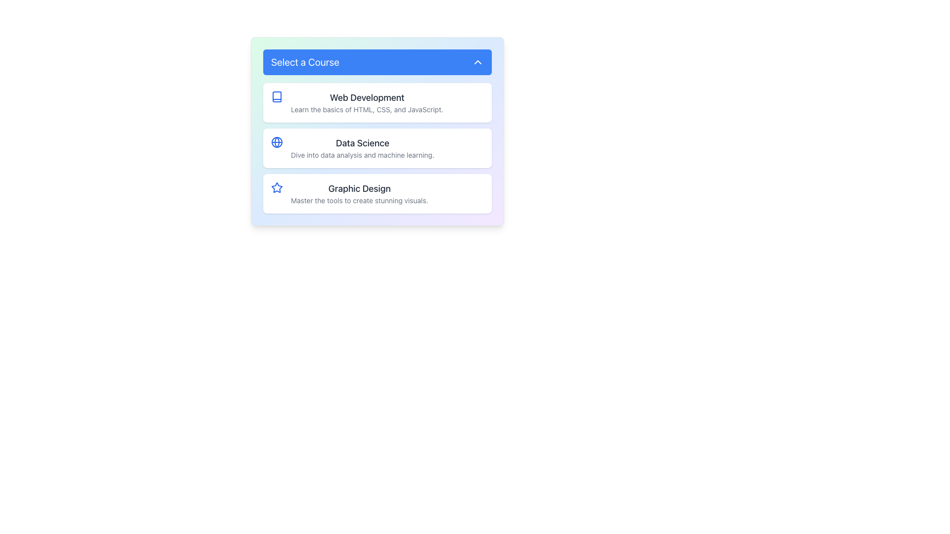  I want to click on the text saying 'Dive into data analysis and machine learning.', which is styled in a small, light gray font and located below the bold text 'Data Science' in the course information section, so click(362, 155).